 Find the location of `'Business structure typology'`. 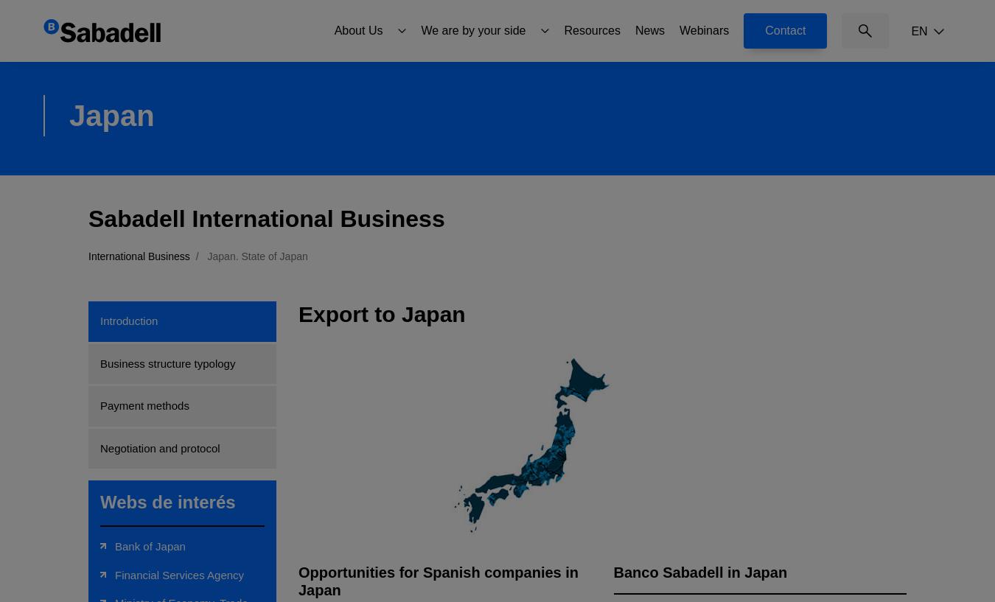

'Business structure typology' is located at coordinates (99, 362).